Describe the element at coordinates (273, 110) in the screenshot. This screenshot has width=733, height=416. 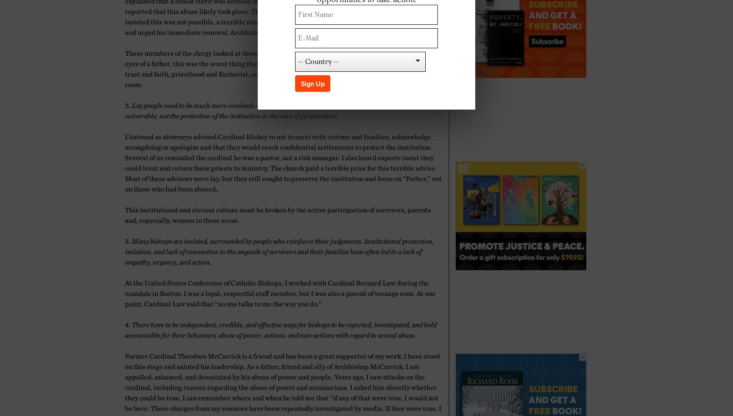
I see `'Lay people need to be much more involved—but need to be independent and focused on the needs of the vulnerable, not the protection of the institution or the care of perpetrators.'` at that location.